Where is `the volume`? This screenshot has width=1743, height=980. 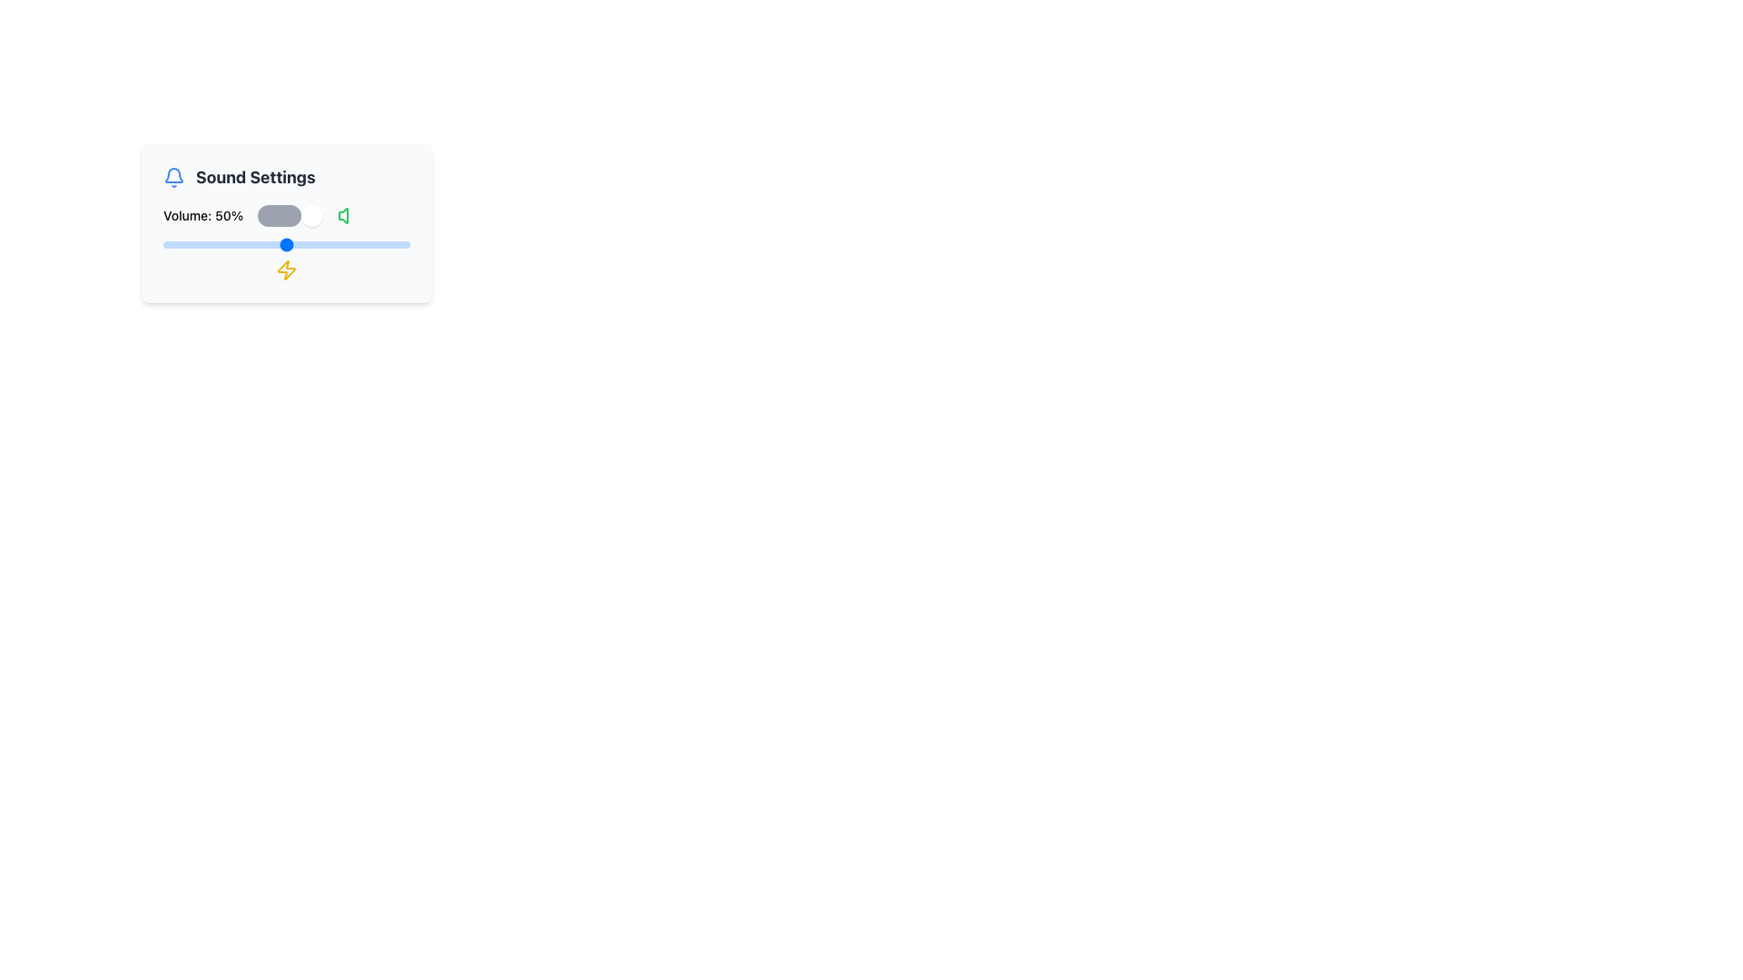 the volume is located at coordinates (309, 245).